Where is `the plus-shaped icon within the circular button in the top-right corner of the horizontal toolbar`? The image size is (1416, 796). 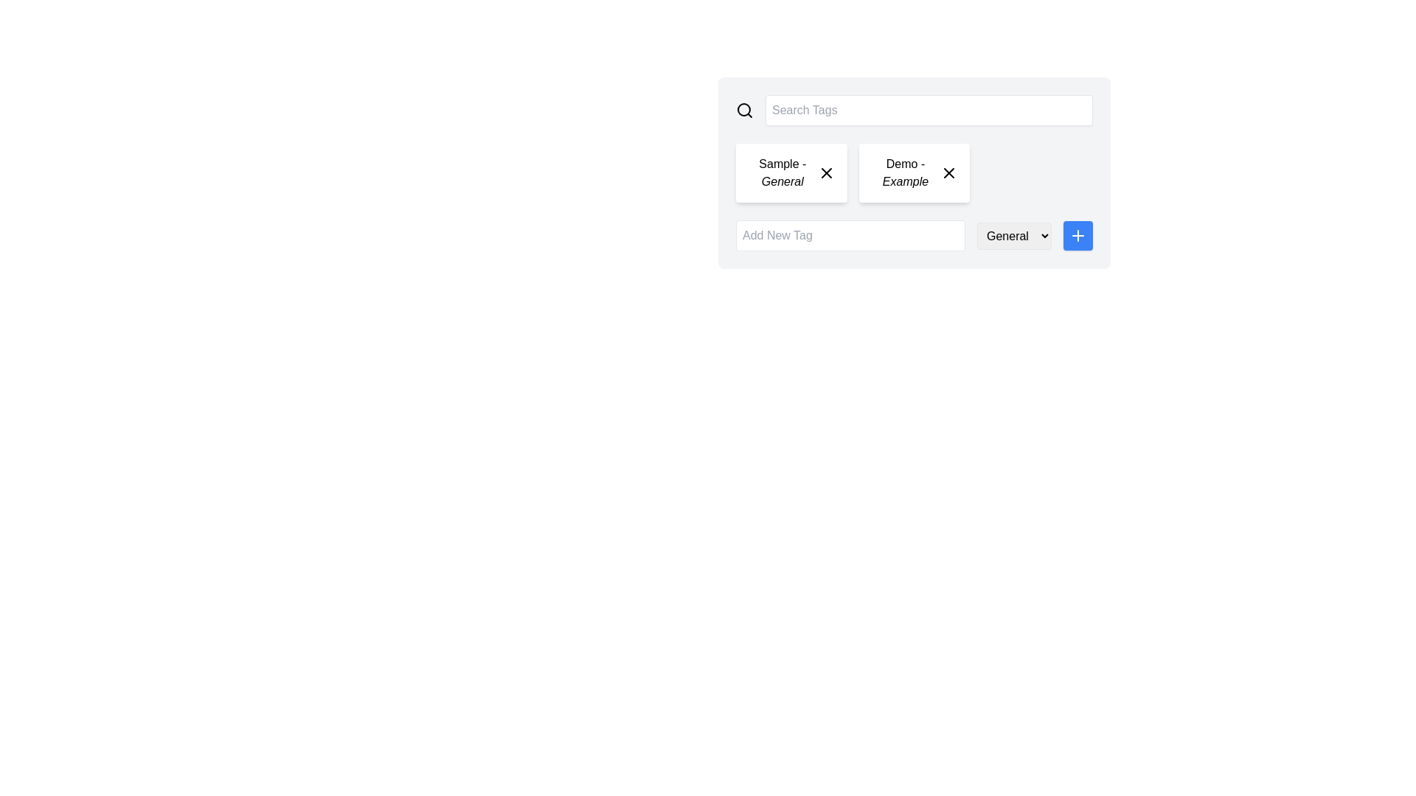 the plus-shaped icon within the circular button in the top-right corner of the horizontal toolbar is located at coordinates (1078, 235).